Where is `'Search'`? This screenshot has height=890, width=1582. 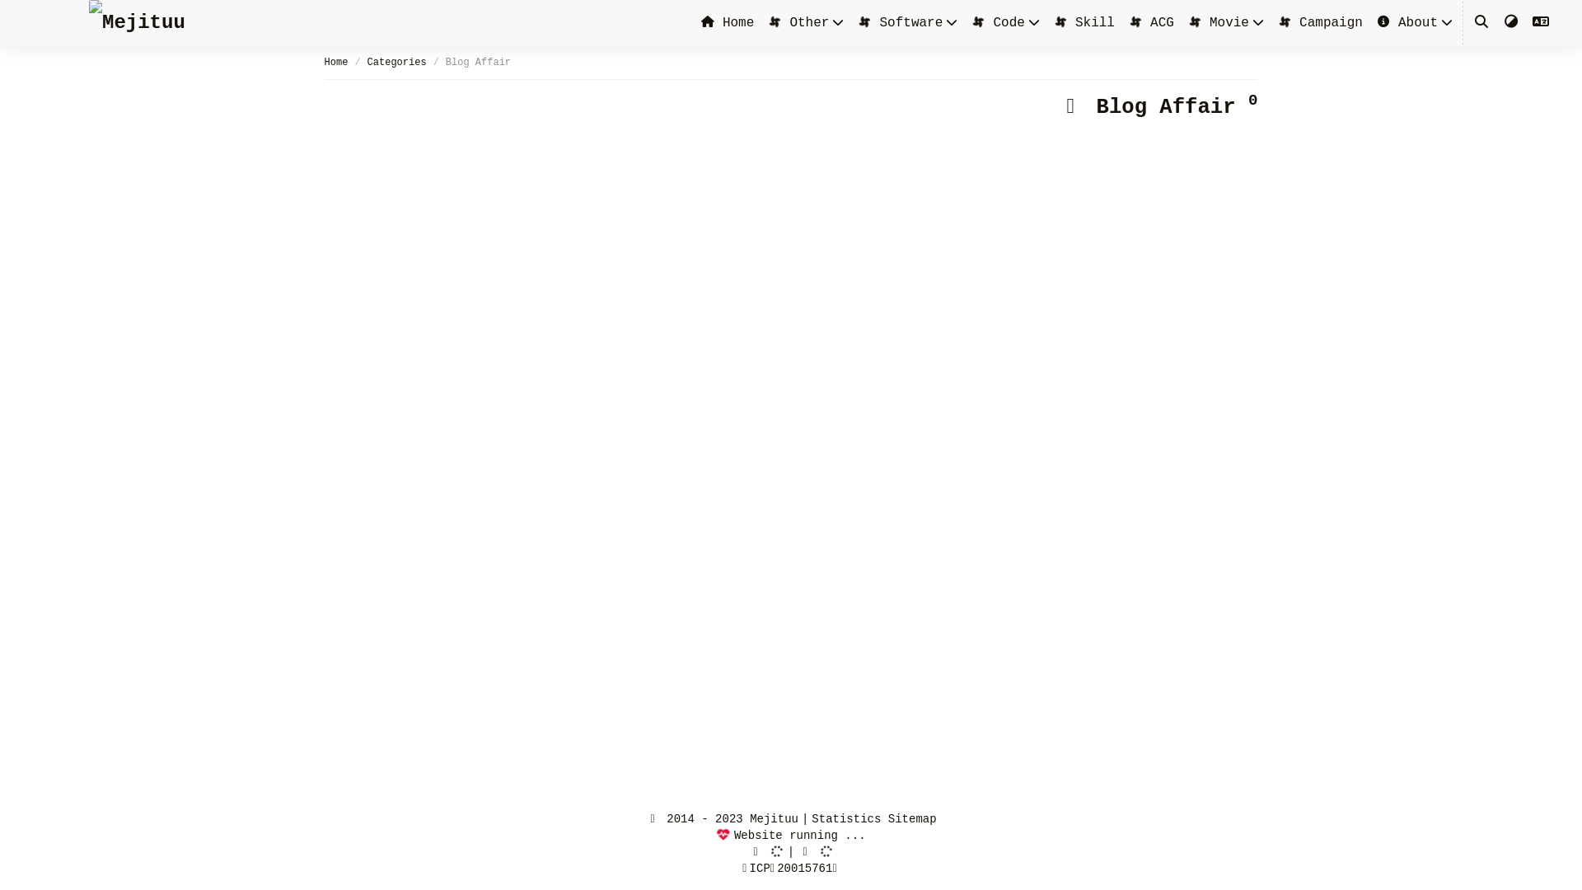 'Search' is located at coordinates (1481, 22).